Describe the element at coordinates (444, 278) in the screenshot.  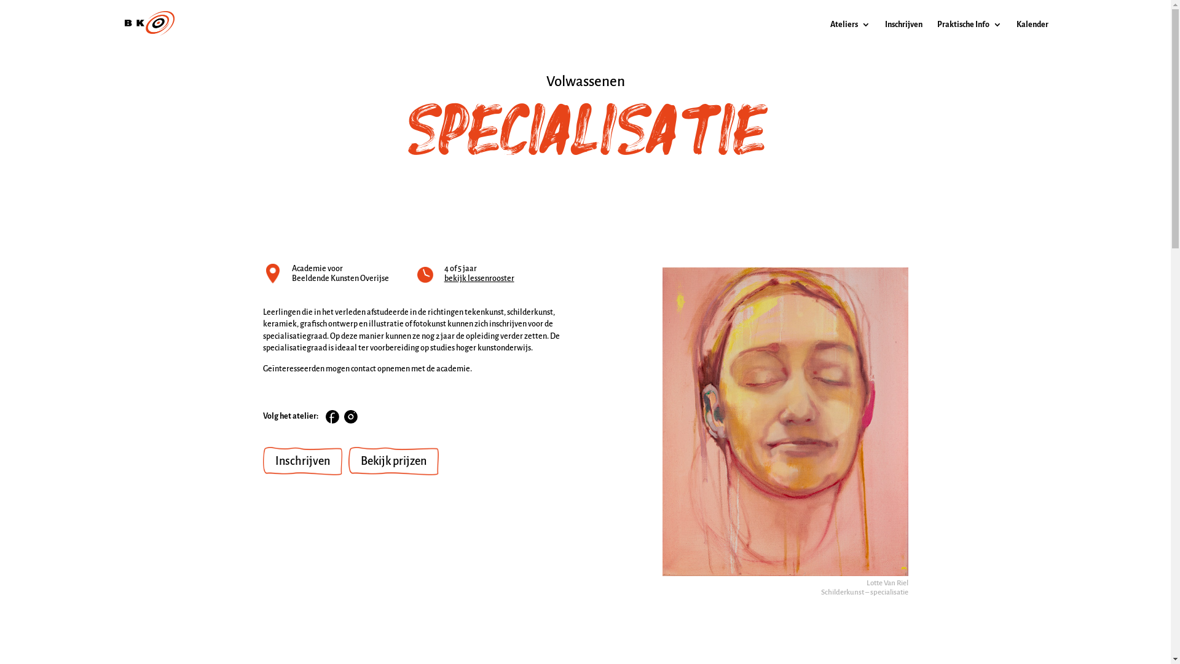
I see `'bekijk lessenrooster'` at that location.